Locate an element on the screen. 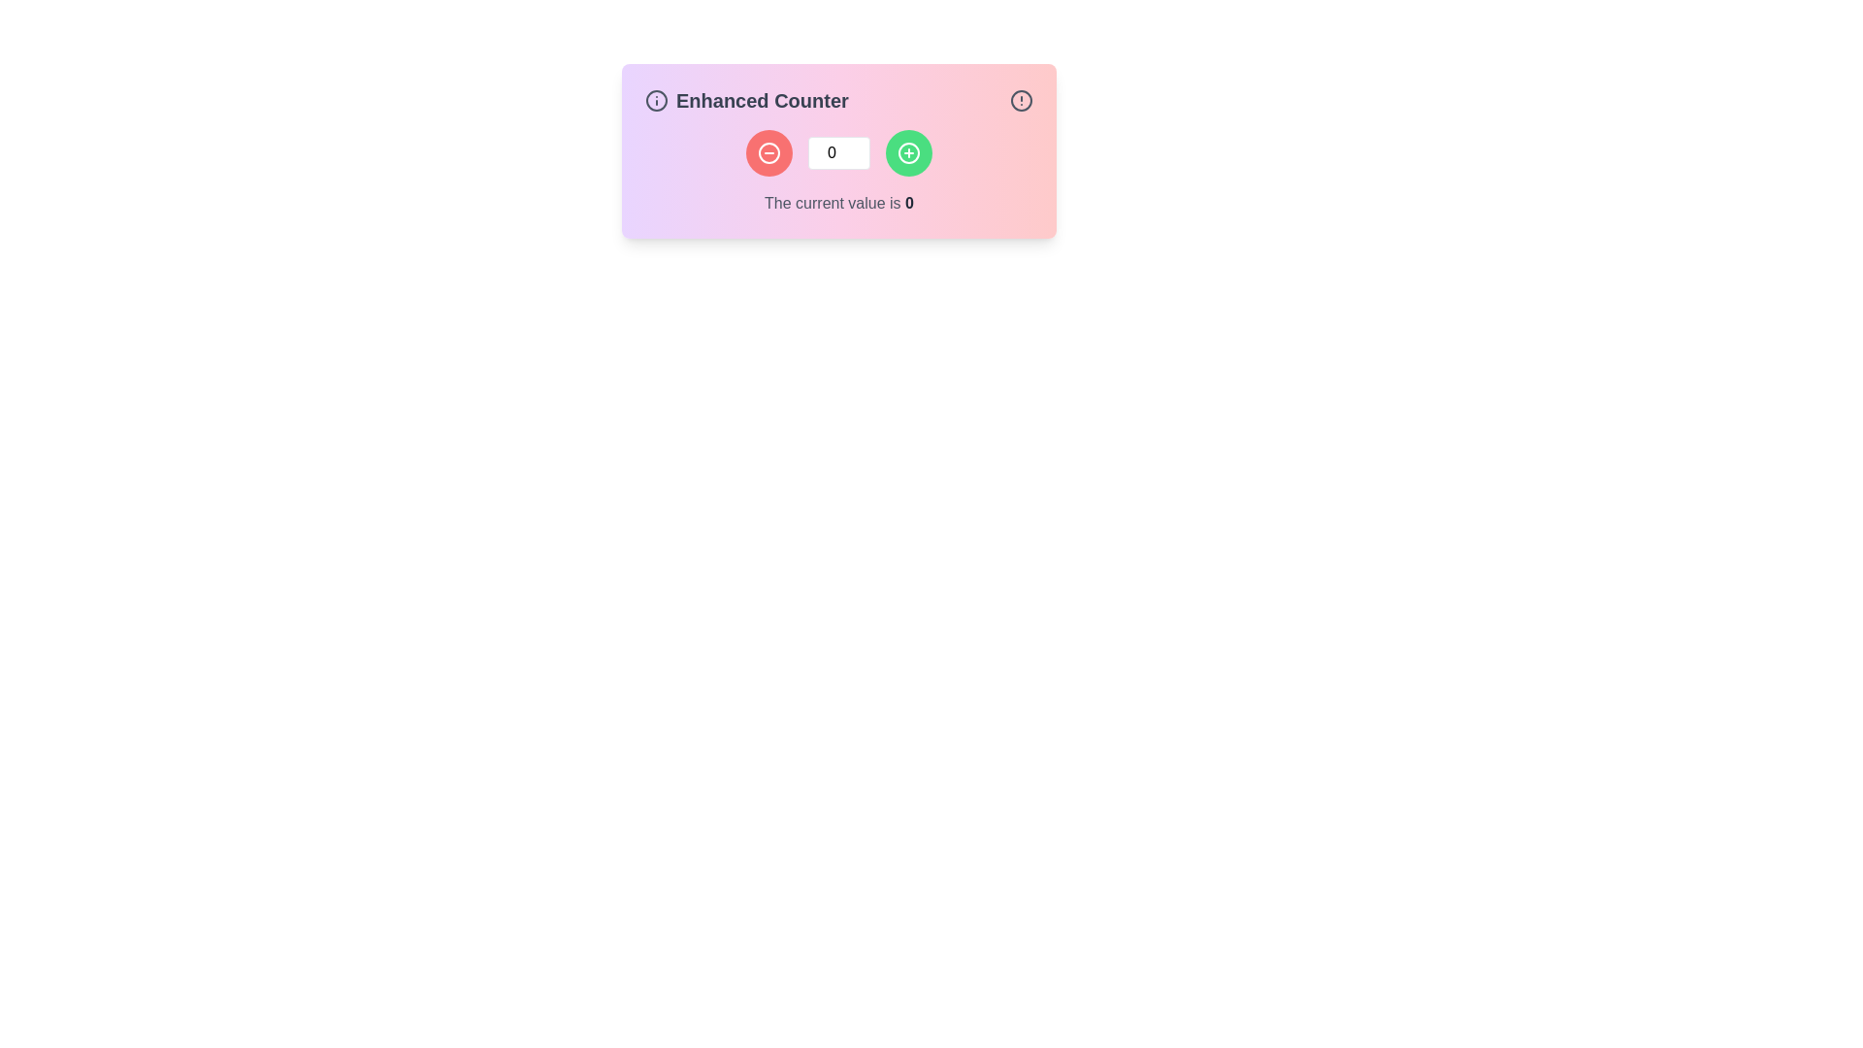 The width and height of the screenshot is (1863, 1048). the text label that states 'The current value is 0', which is styled in gray and located below the numeric input field is located at coordinates (838, 203).